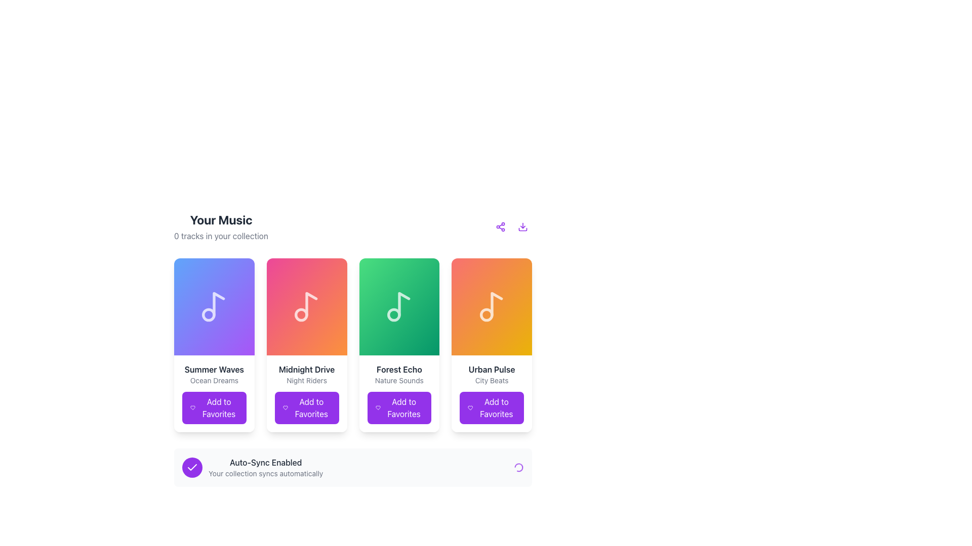 The image size is (972, 546). I want to click on the 'Add to Favorites' button, which is styled with white text on a vibrant purple background, to observe the hover effects, so click(218, 407).